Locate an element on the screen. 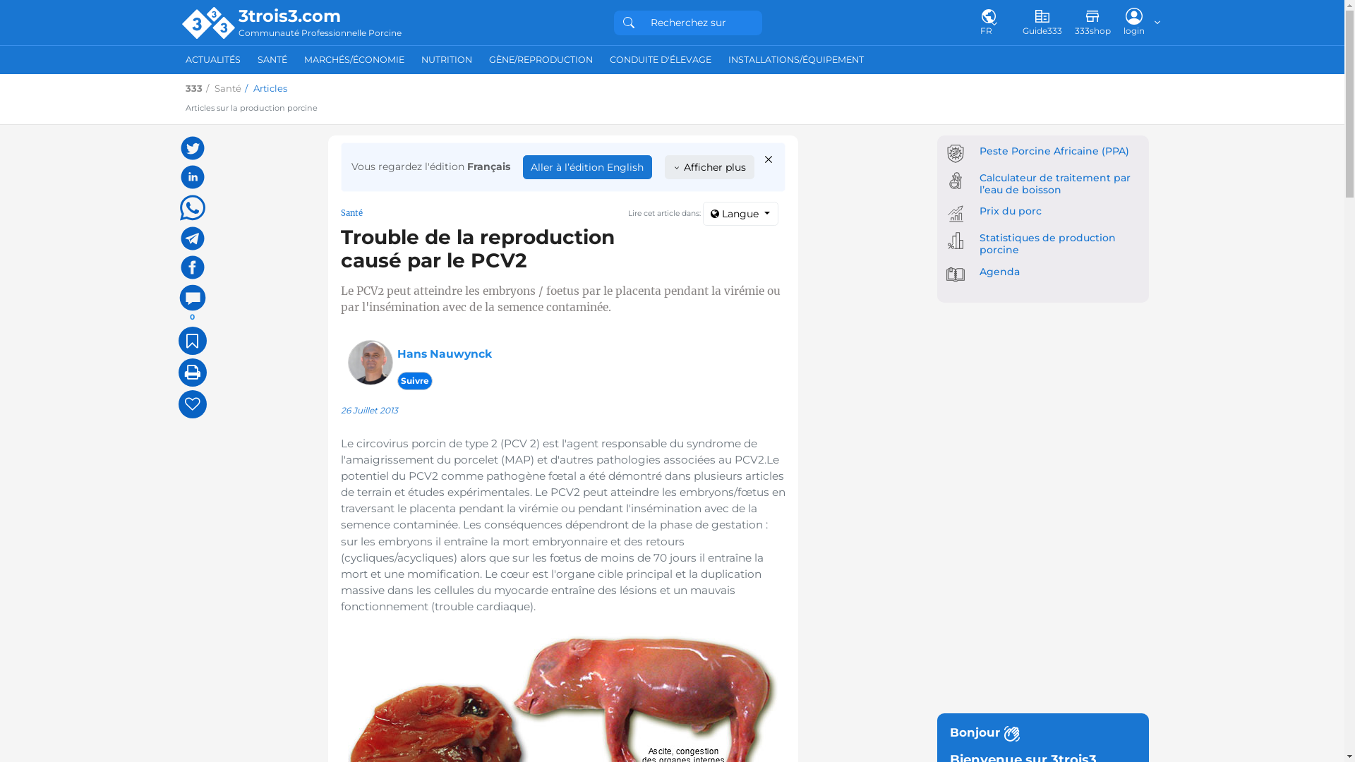 The image size is (1355, 762). 'Ajouter aux Favoris' is located at coordinates (191, 340).